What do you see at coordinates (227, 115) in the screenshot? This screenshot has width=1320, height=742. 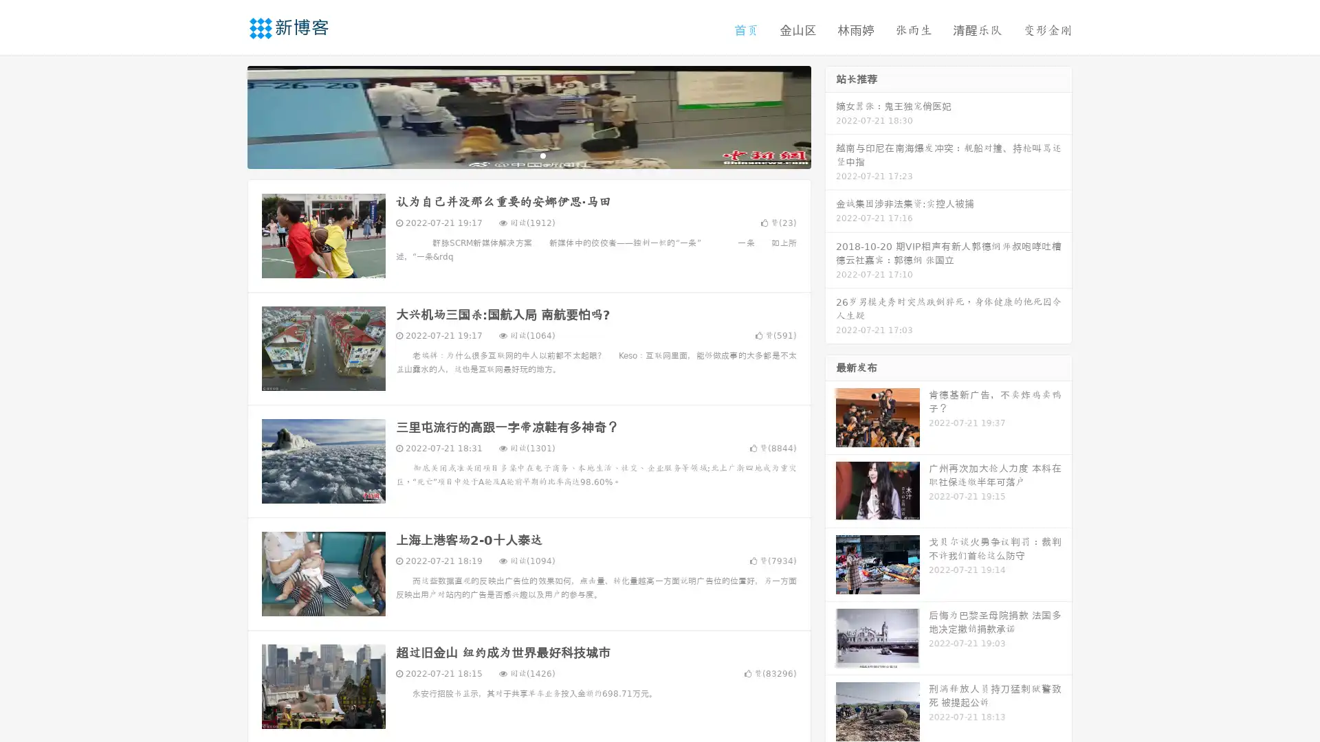 I see `Previous slide` at bounding box center [227, 115].